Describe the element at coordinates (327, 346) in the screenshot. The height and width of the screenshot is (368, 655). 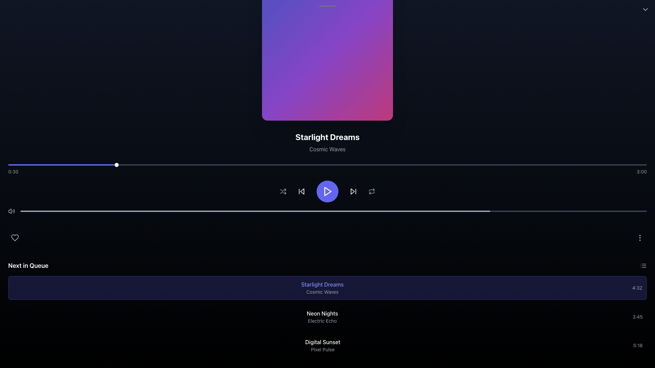
I see `the third item in the 'Next in Queue' group of the media playlist, which displays the title and subtitle of the media content along with its duration` at that location.